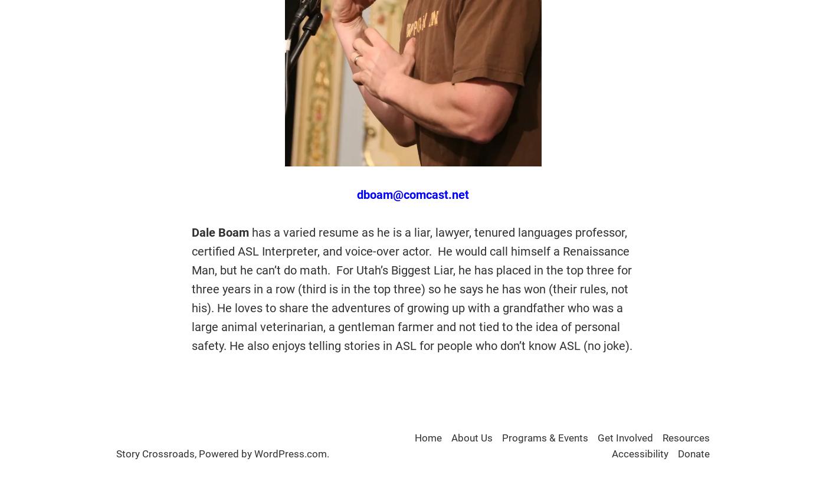  Describe the element at coordinates (428, 437) in the screenshot. I see `'Home'` at that location.